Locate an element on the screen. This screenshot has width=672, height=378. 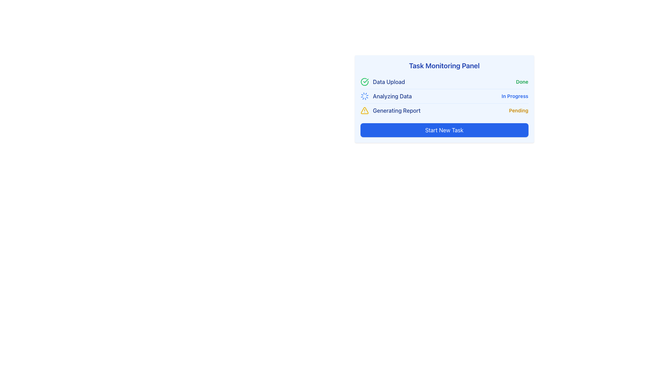
the text label displaying 'Analyzing Data' within the 'Task Monitoring Panel', which is styled with a blue font and medium weight, located in the second row of the progress indicator list is located at coordinates (392, 96).